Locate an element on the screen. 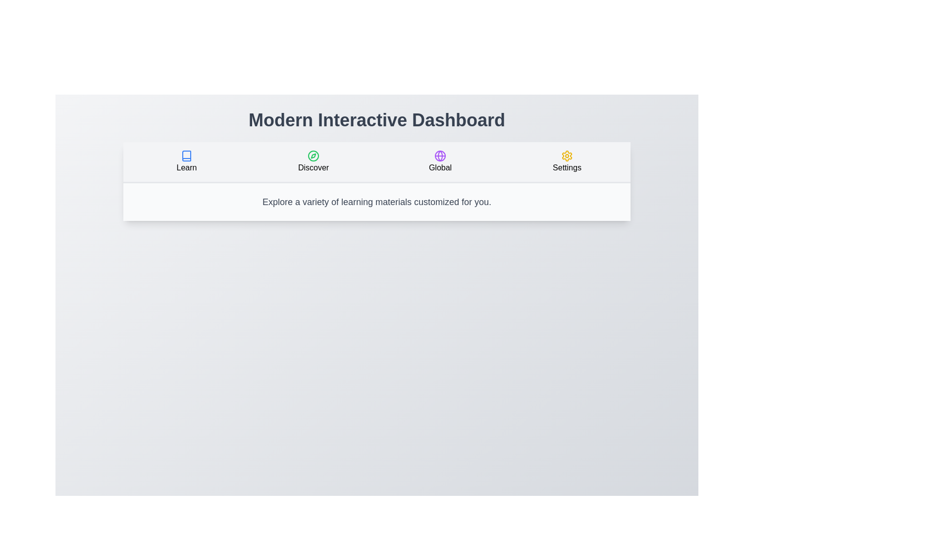 The width and height of the screenshot is (951, 535). the Navigational Tab featuring a purple globe icon and the text 'Global' is located at coordinates (439, 161).